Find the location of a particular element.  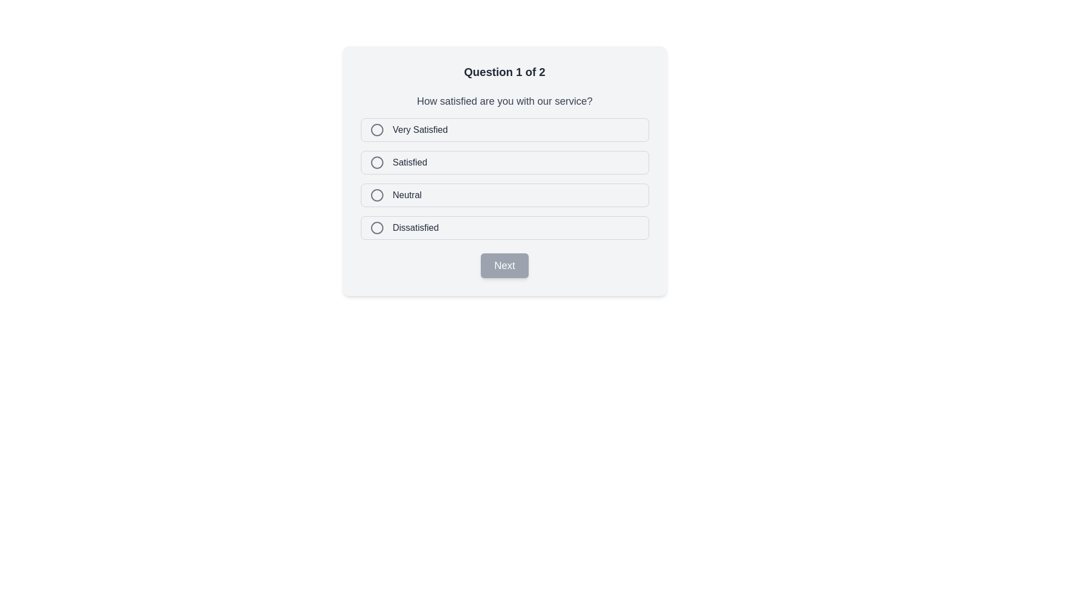

the 'Dissatisfied' radio button indicator using keyboard navigation is located at coordinates (377, 228).